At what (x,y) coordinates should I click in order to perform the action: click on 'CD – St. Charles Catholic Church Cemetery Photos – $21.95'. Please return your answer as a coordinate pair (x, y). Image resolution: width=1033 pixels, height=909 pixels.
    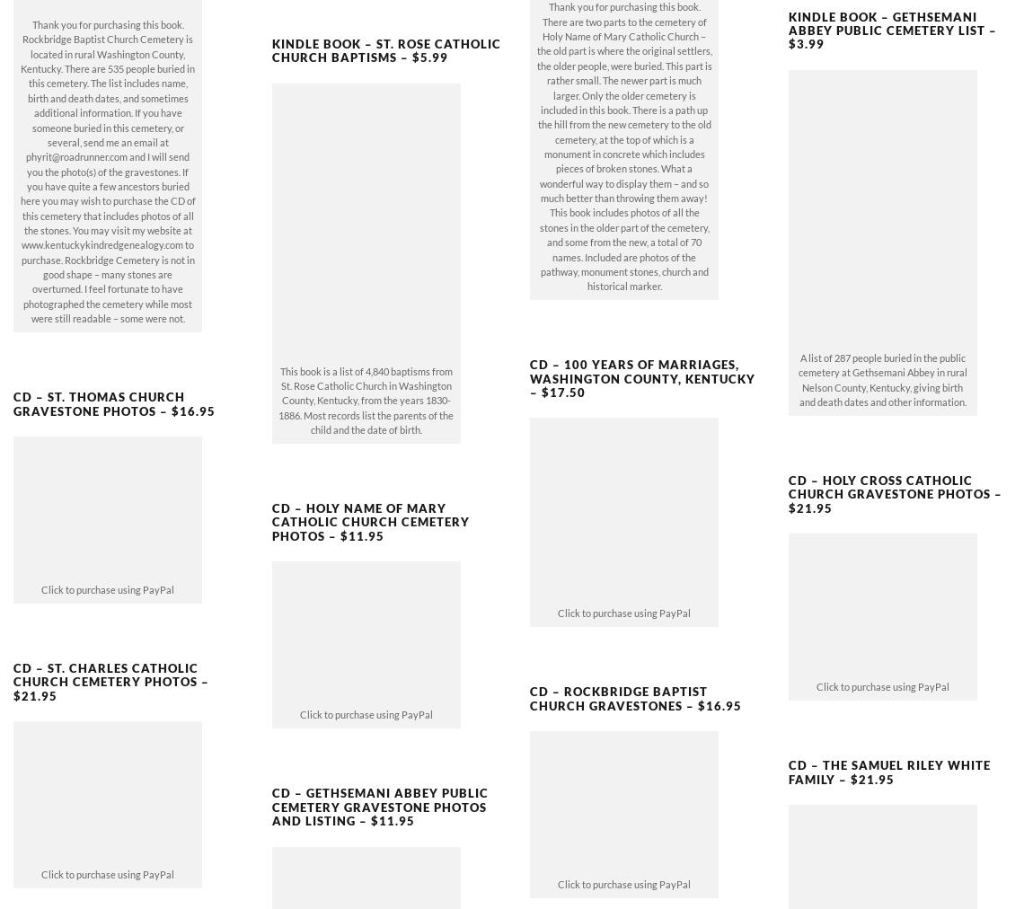
    Looking at the image, I should click on (110, 651).